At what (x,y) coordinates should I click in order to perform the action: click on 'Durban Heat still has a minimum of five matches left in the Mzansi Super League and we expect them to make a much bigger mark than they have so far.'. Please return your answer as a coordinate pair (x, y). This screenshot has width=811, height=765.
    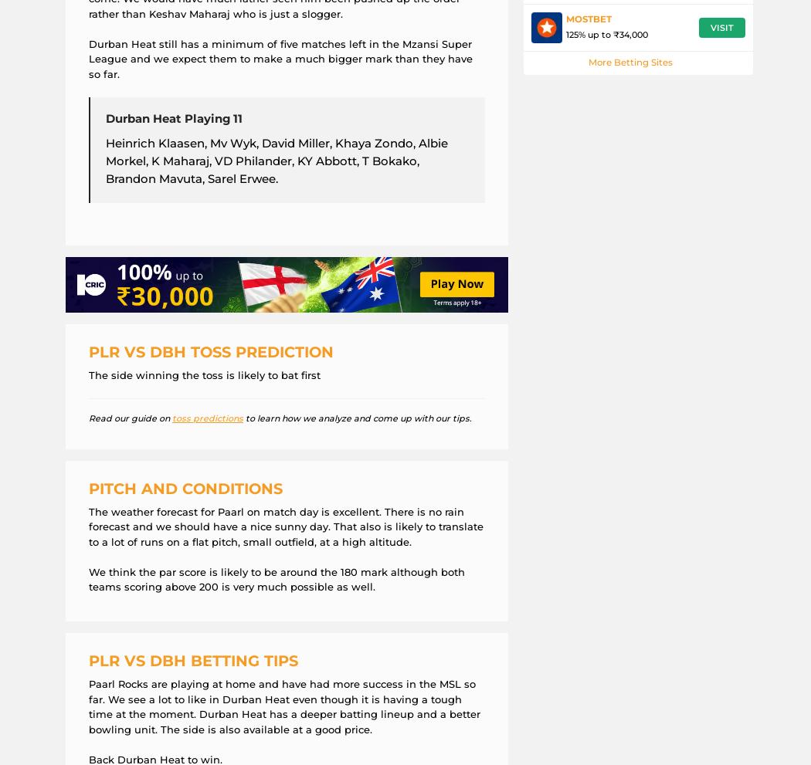
    Looking at the image, I should click on (87, 58).